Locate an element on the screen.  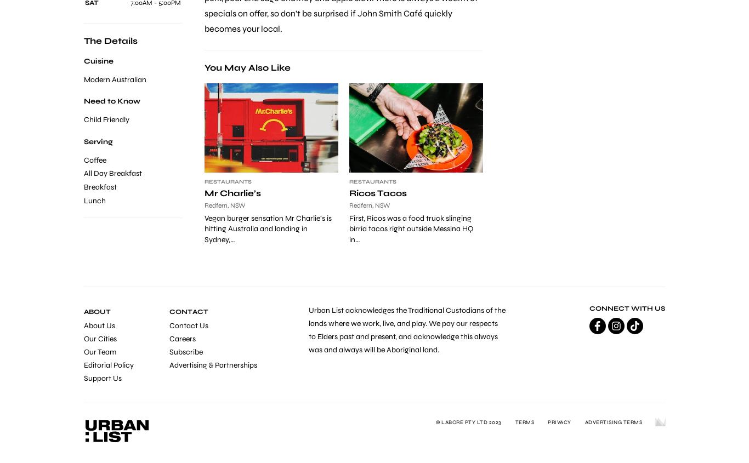
'Terms' is located at coordinates (524, 422).